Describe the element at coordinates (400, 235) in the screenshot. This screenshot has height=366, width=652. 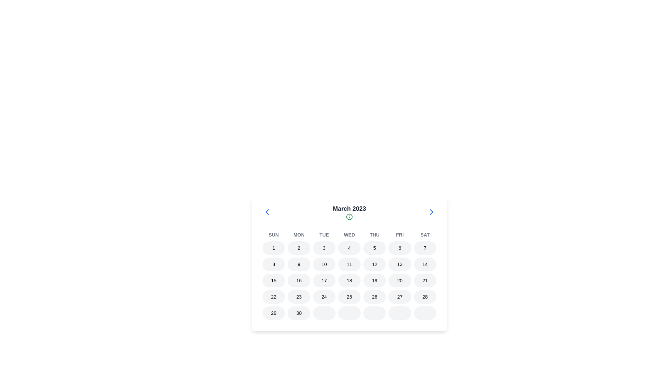
I see `the text label indicating 'Friday', which is the sixth element in a week layout of day abbreviations` at that location.